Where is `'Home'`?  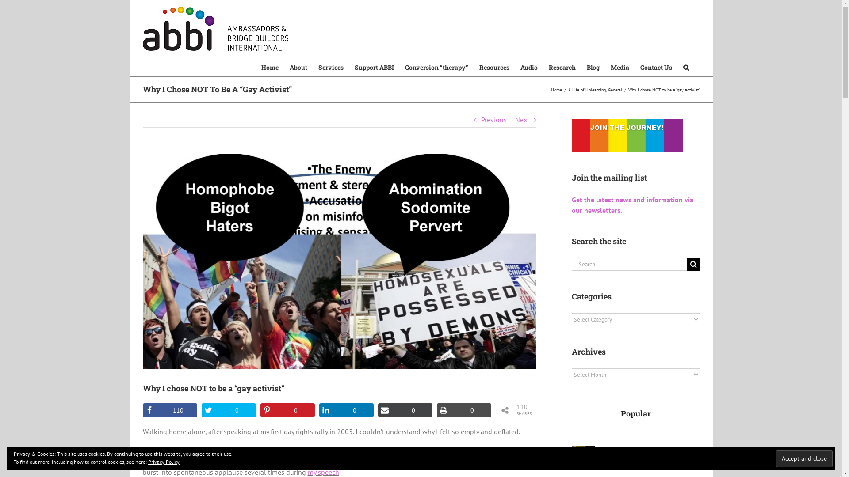 'Home' is located at coordinates (269, 66).